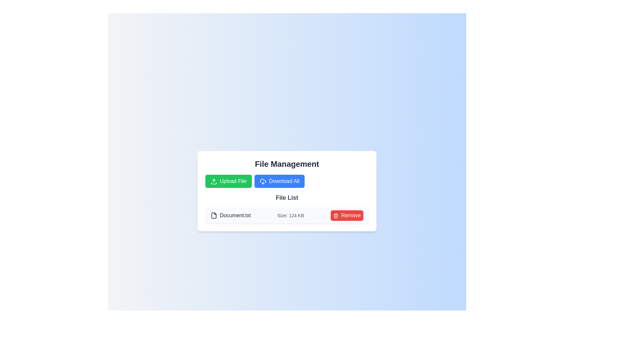 The image size is (633, 356). Describe the element at coordinates (347, 216) in the screenshot. I see `the 'Remove' button located at the rightmost position next to the file size information for 'Document.txt'` at that location.